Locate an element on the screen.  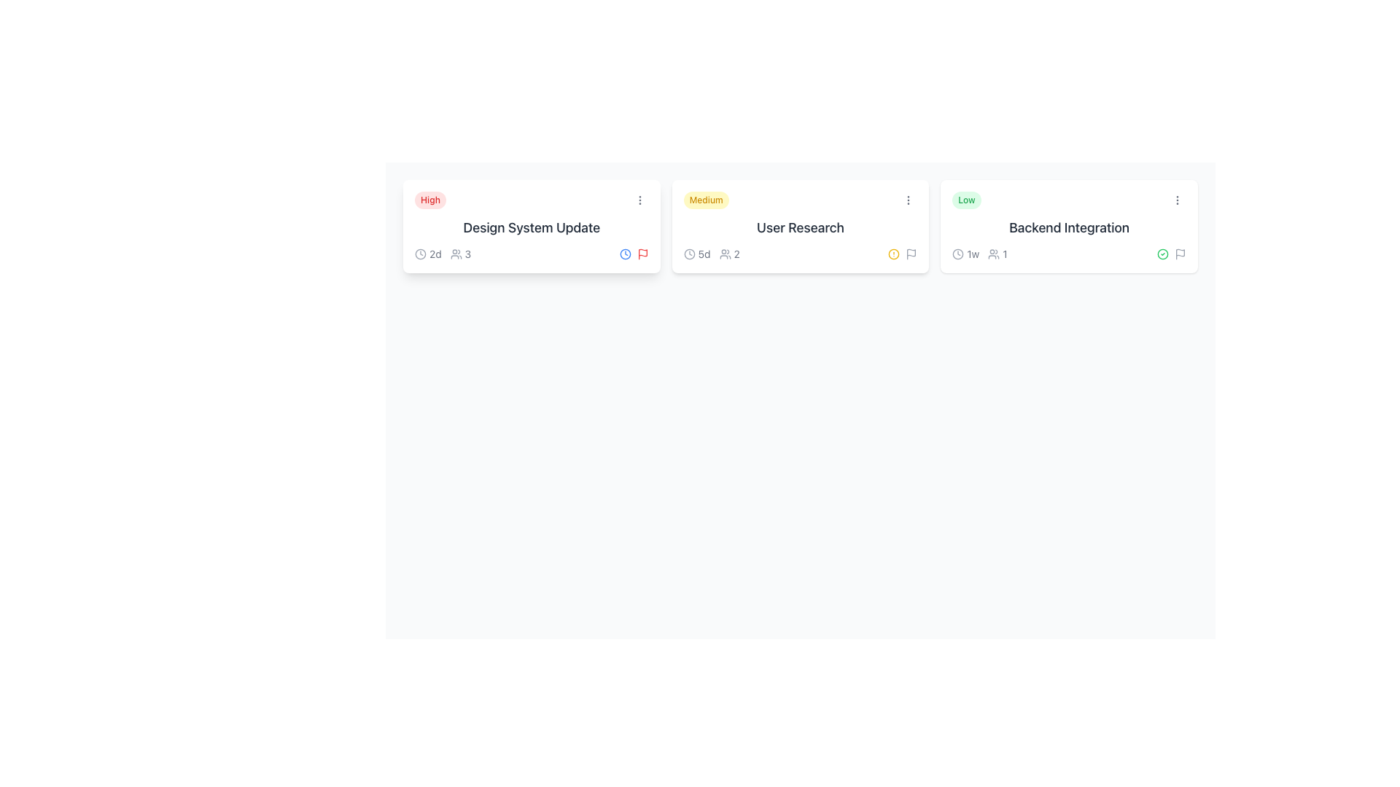
the static text label displaying '5d', which is styled with a small font size and gray coloring, located adjacent to a clock icon within the 'User Research' card is located at coordinates (704, 253).